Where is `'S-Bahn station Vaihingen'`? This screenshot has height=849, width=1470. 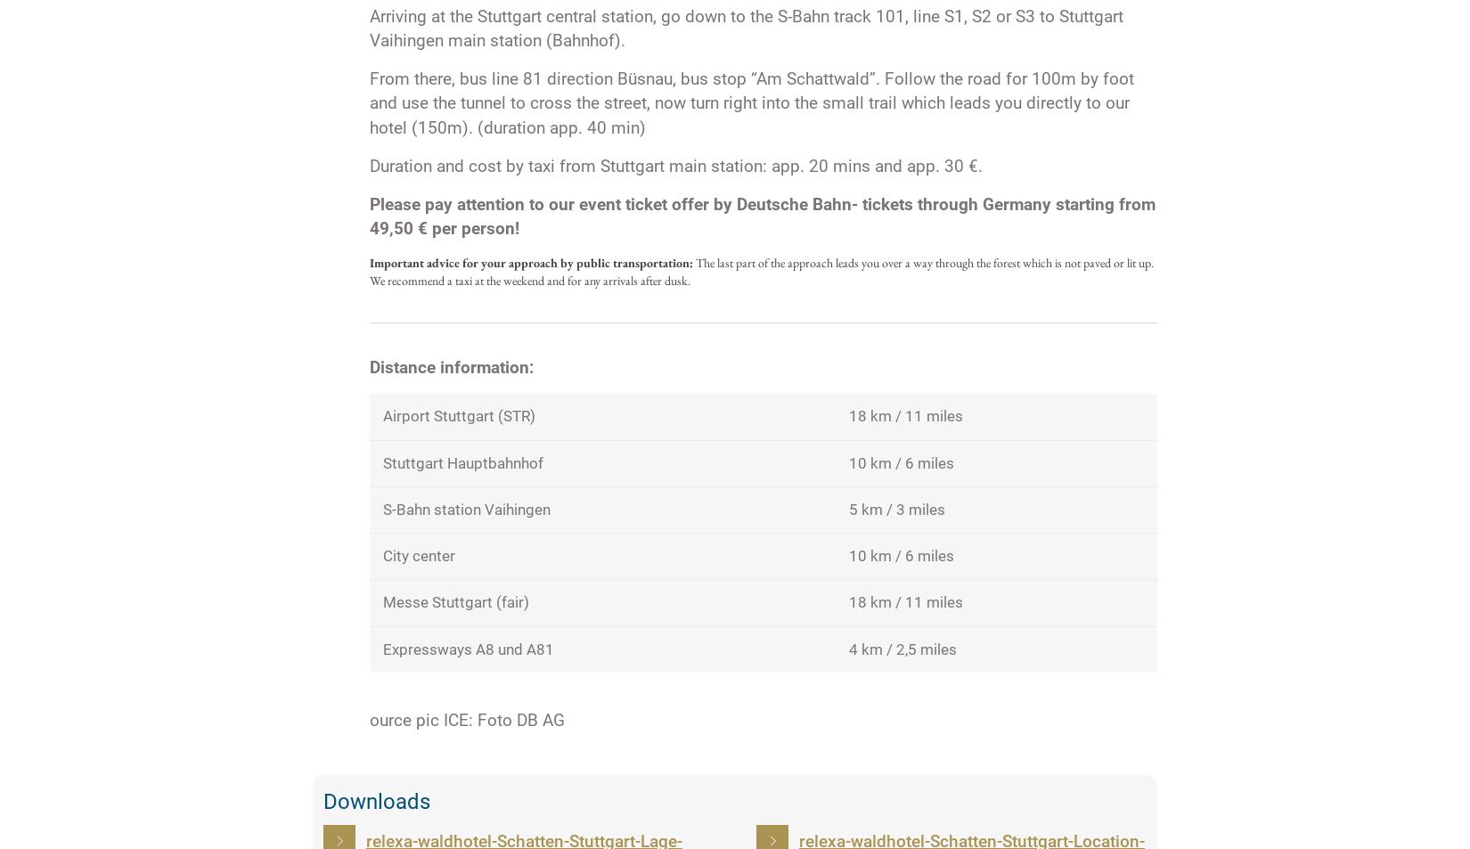
'S-Bahn station Vaihingen' is located at coordinates (465, 509).